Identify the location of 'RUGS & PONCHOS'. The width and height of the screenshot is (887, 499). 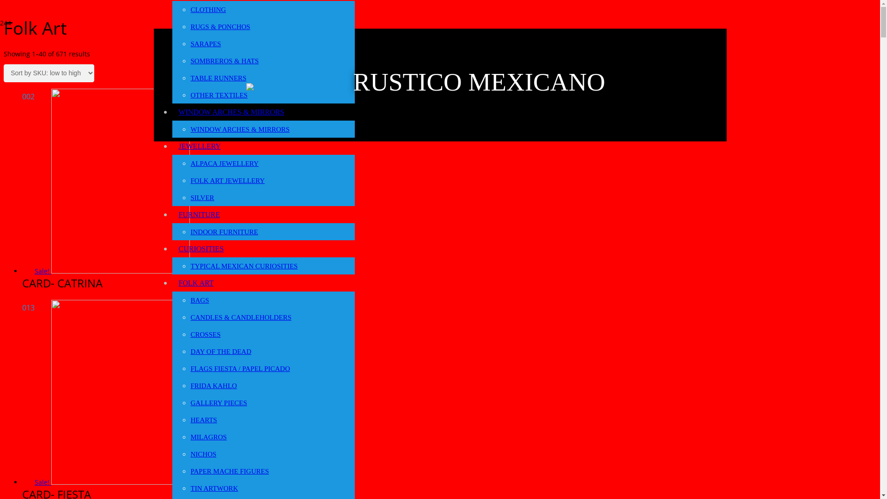
(219, 26).